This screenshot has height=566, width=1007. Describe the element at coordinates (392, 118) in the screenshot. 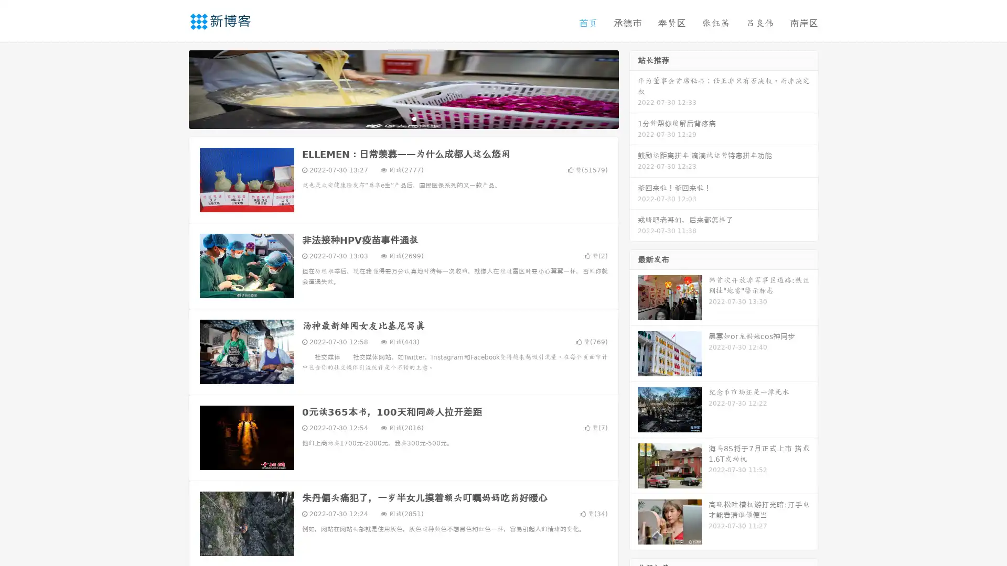

I see `Go to slide 1` at that location.